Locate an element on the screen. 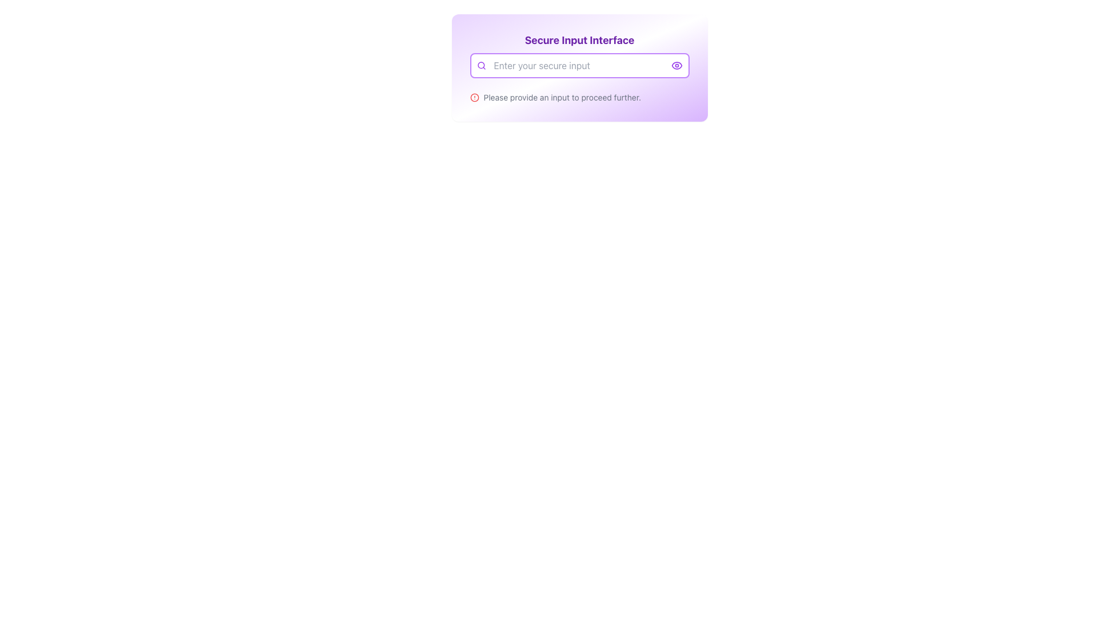 This screenshot has height=617, width=1097. the informative text label with an accompanying icon located just below the 'Enter your secure input' field, which serves to prompt users for input is located at coordinates (579, 97).